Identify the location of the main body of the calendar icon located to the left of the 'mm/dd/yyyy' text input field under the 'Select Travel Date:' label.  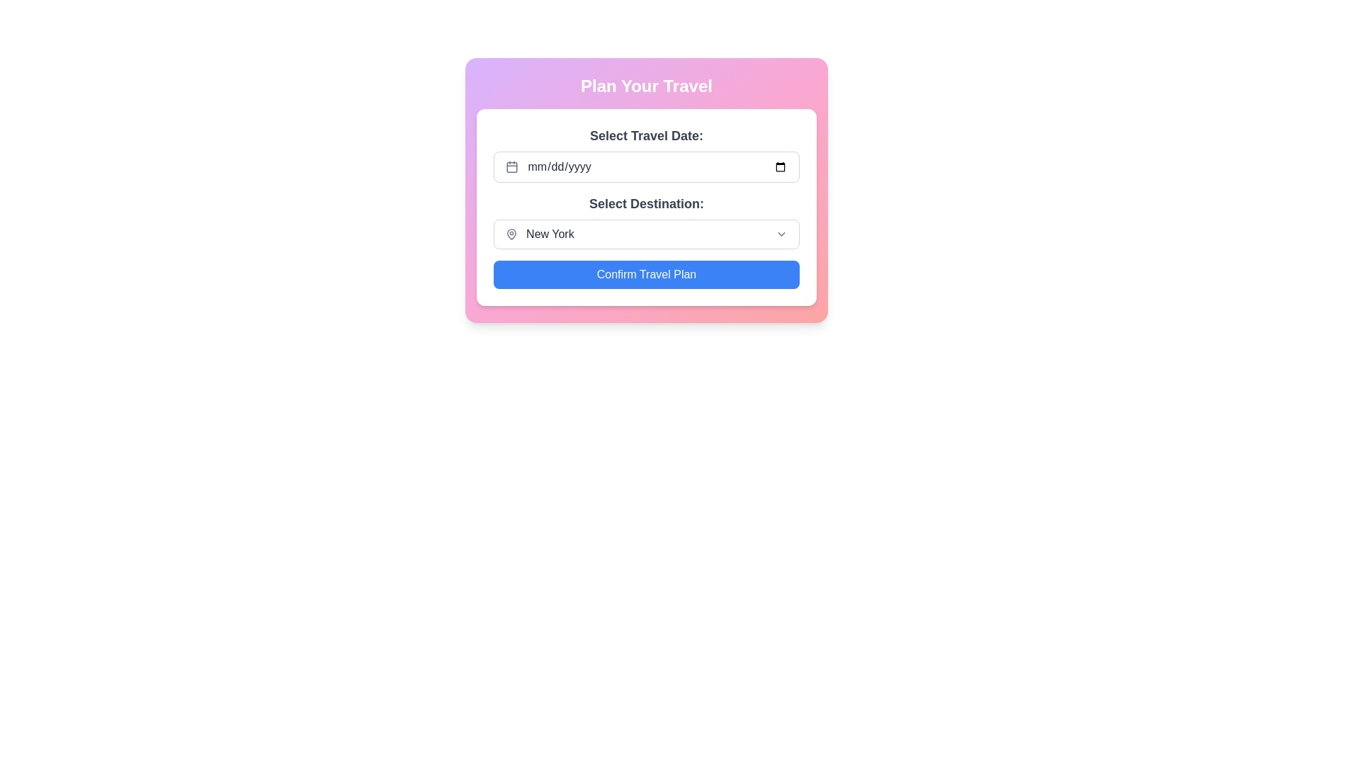
(511, 166).